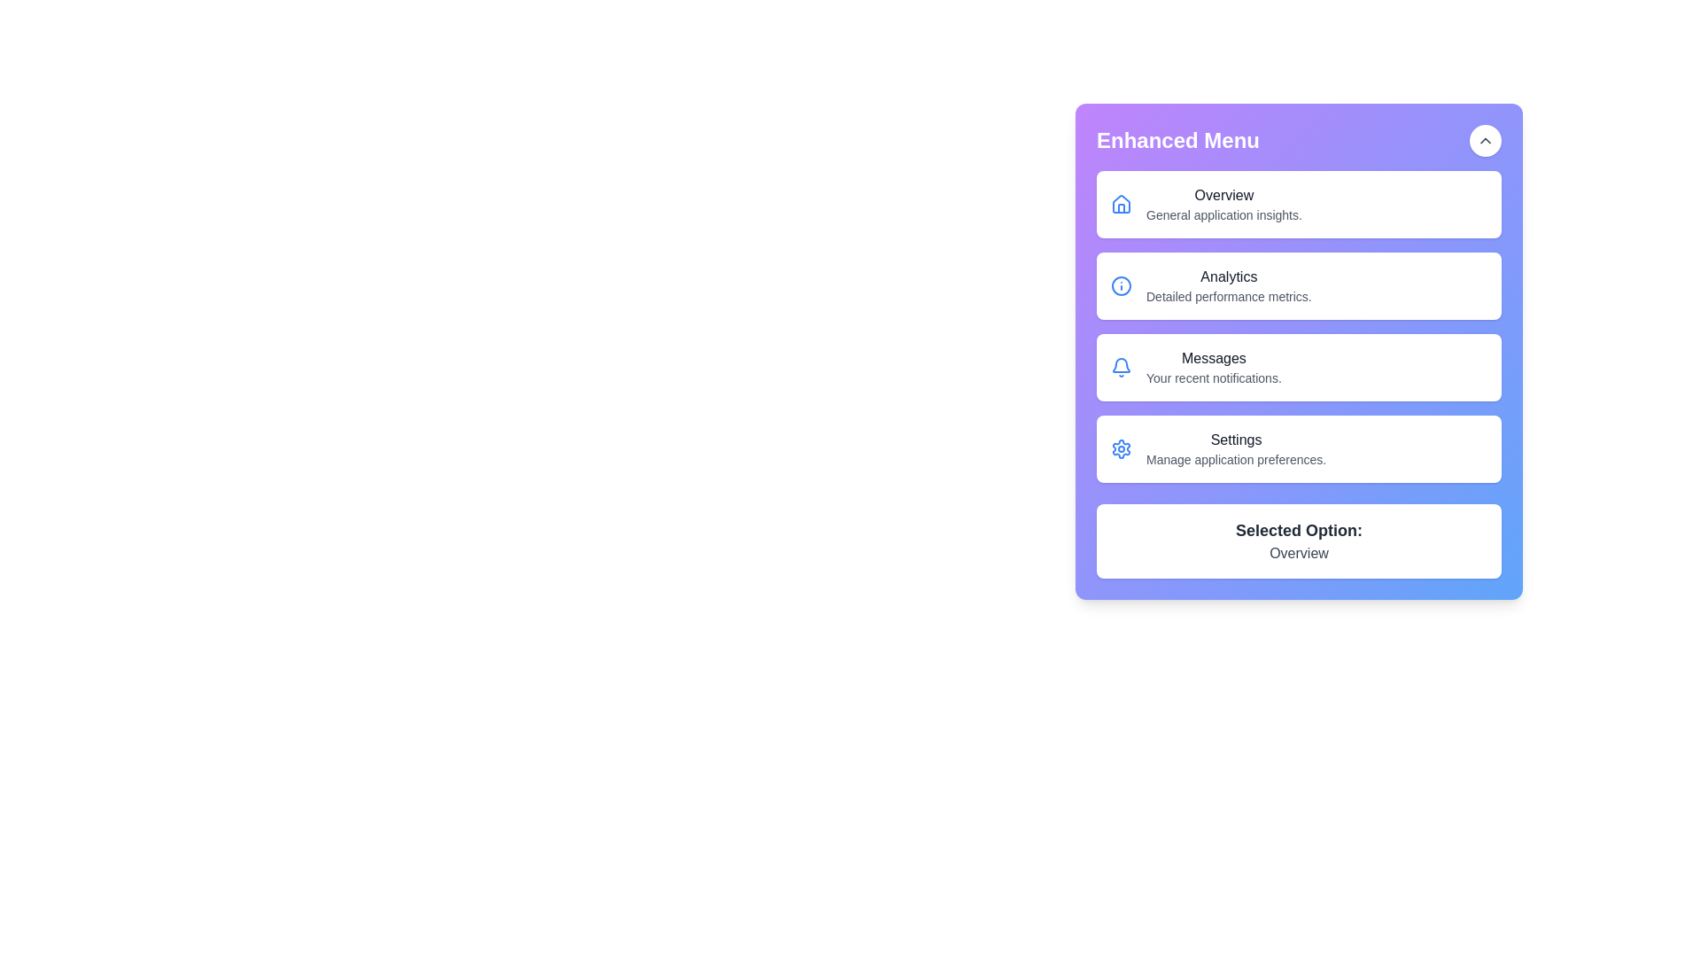  Describe the element at coordinates (1121, 364) in the screenshot. I see `the blue outlined bell-shaped notification icon located at the upper-right corner of the menu box` at that location.